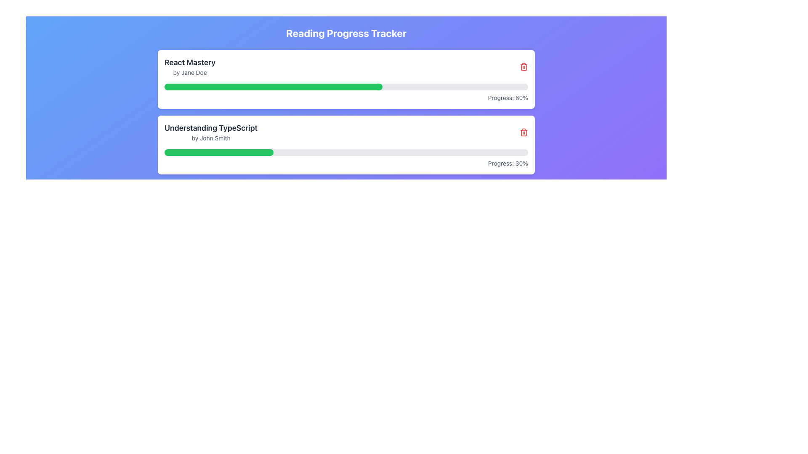 This screenshot has height=454, width=808. Describe the element at coordinates (346, 32) in the screenshot. I see `the bold header text element 'Reading Progress Tracker' which is styled in white and has a blue to purple gradient background` at that location.